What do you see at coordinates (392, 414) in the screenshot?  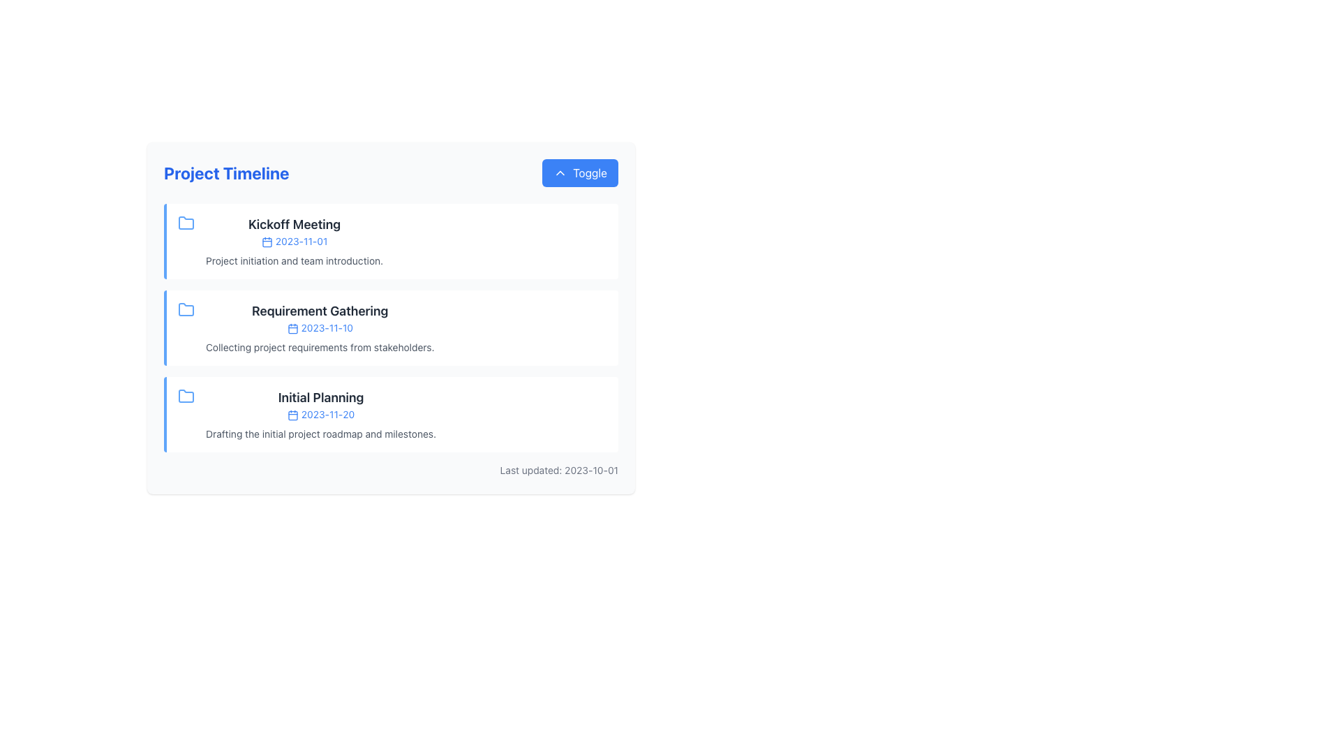 I see `the date '2023-11-20' in the structured content block titled 'Initial Planning' to view related events` at bounding box center [392, 414].